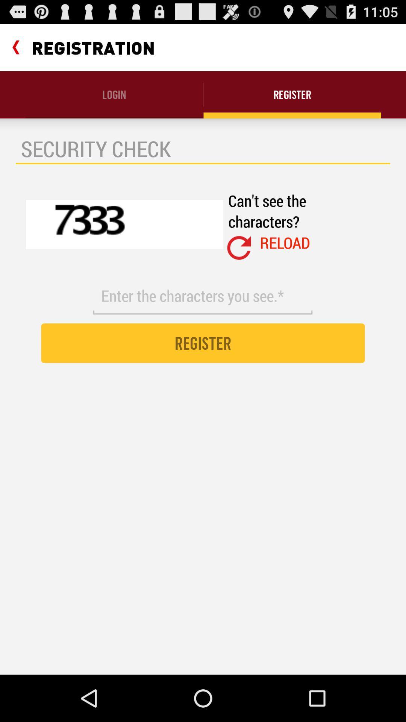  What do you see at coordinates (285, 243) in the screenshot?
I see `the reload icon` at bounding box center [285, 243].